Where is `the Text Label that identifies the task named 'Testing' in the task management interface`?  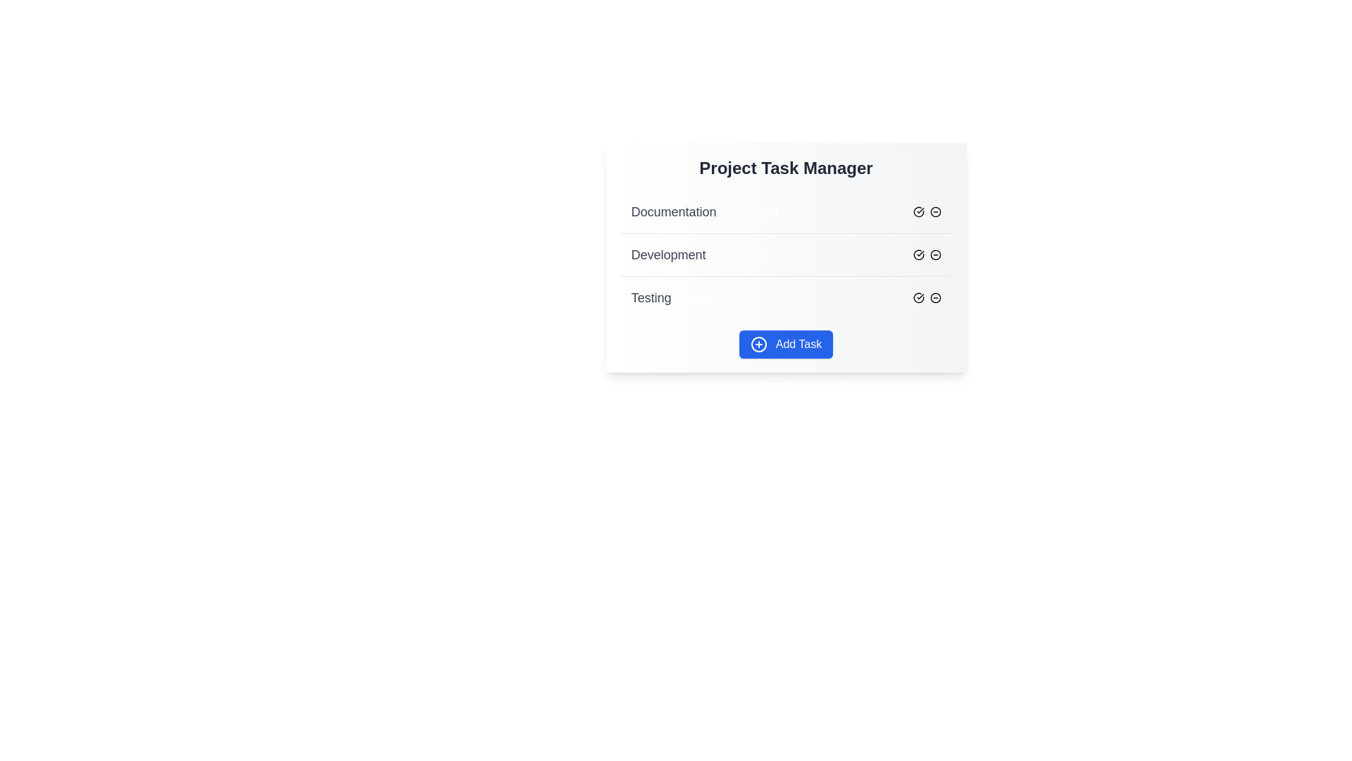 the Text Label that identifies the task named 'Testing' in the task management interface is located at coordinates (651, 297).